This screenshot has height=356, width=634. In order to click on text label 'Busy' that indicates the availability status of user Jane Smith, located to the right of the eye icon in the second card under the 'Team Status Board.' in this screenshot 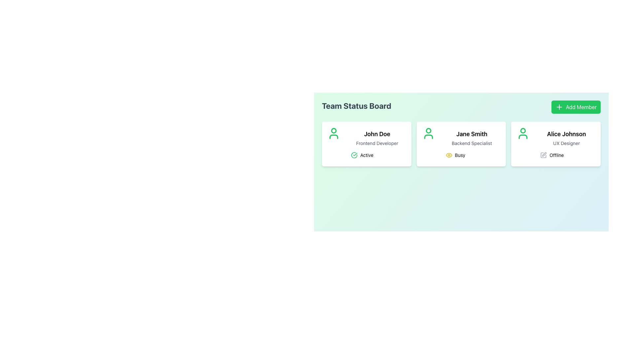, I will do `click(460, 155)`.